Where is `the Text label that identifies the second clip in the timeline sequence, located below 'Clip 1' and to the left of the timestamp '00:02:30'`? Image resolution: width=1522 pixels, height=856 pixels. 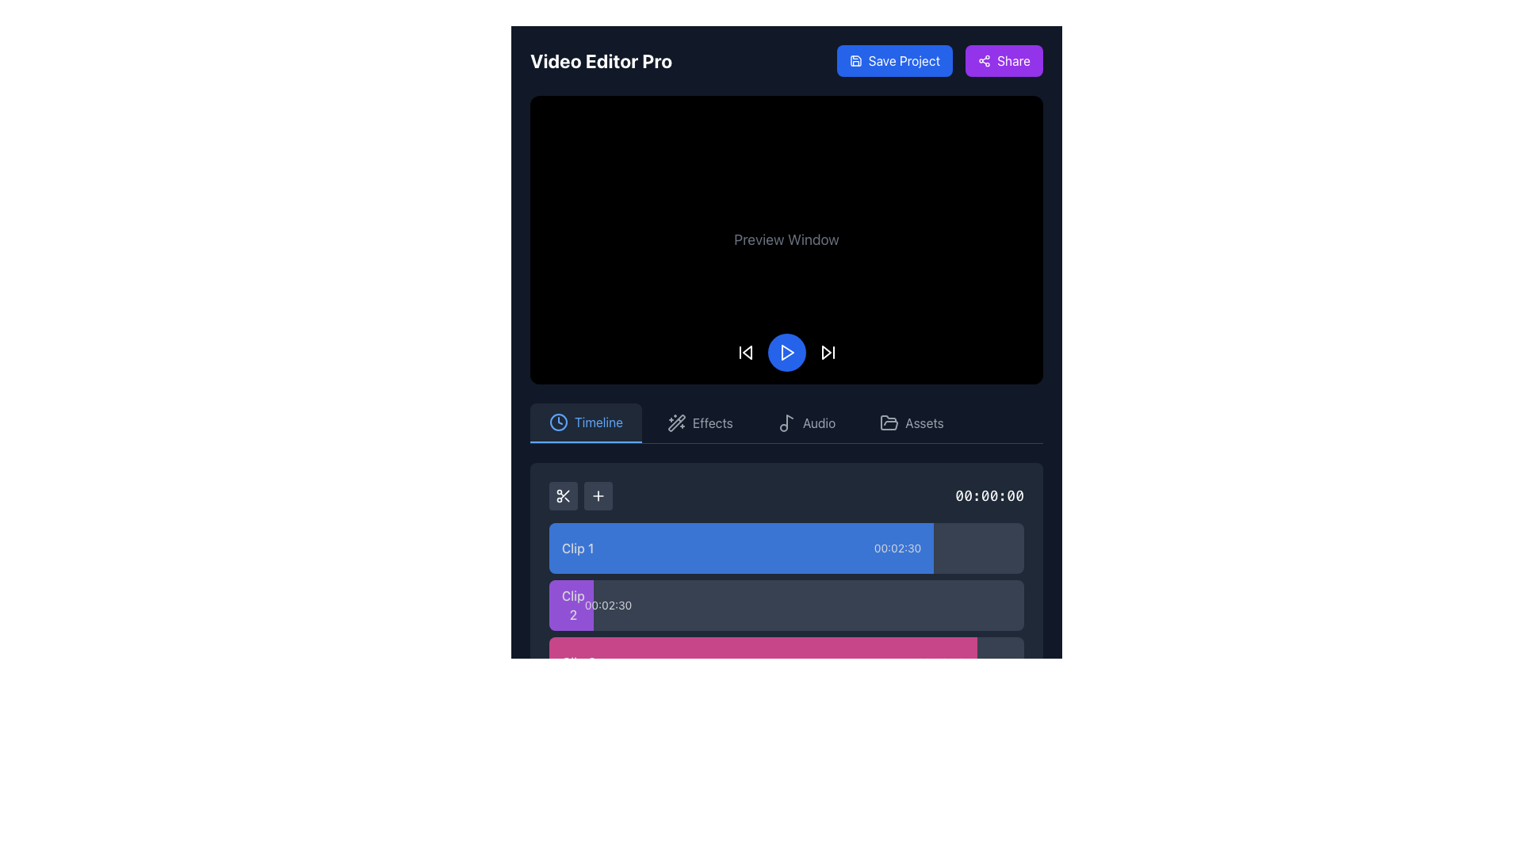 the Text label that identifies the second clip in the timeline sequence, located below 'Clip 1' and to the left of the timestamp '00:02:30' is located at coordinates (572, 605).